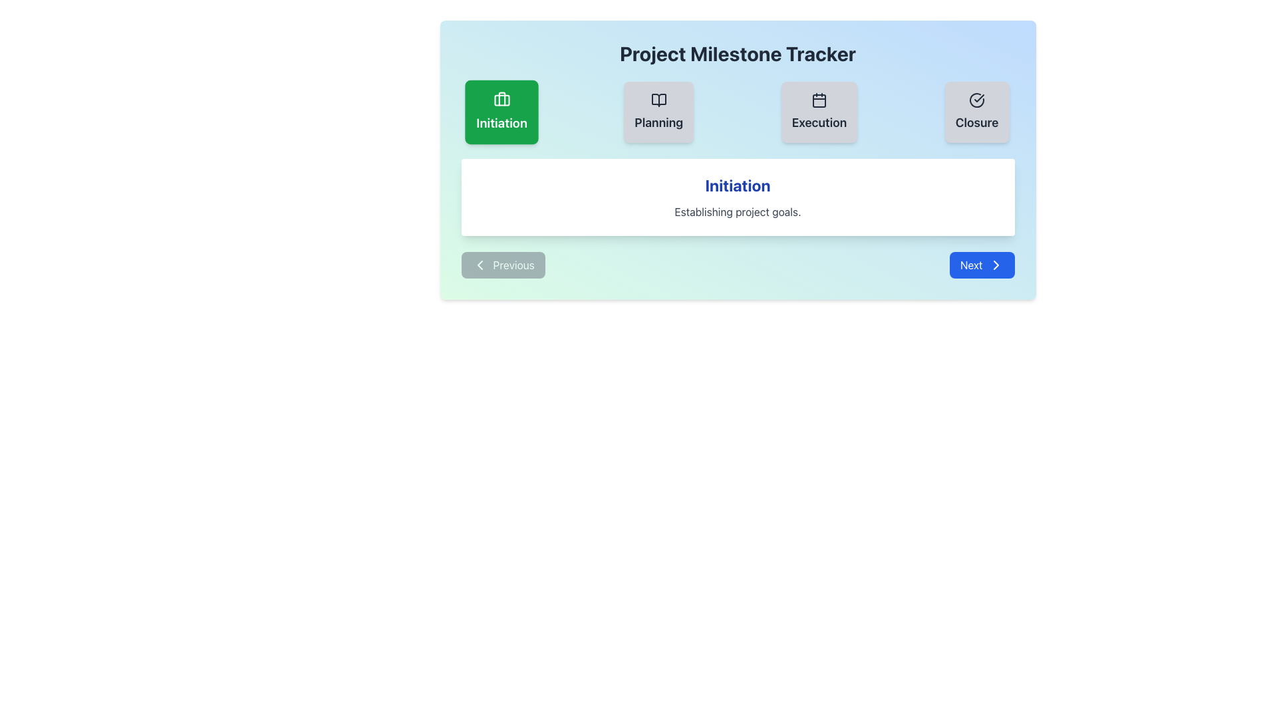 Image resolution: width=1277 pixels, height=718 pixels. I want to click on the chevron icon within the 'Next' button located at the bottom-right corner of the interface, so click(996, 265).